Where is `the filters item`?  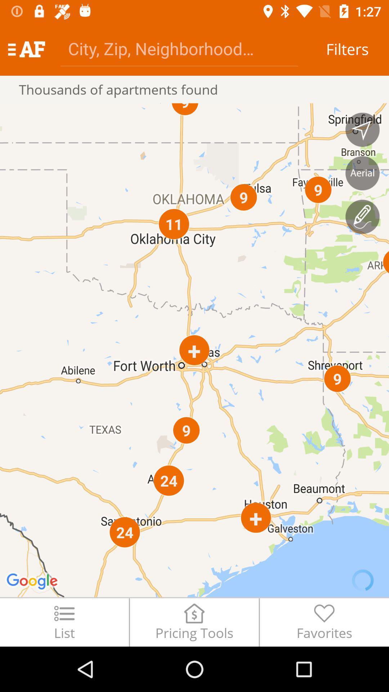 the filters item is located at coordinates (347, 49).